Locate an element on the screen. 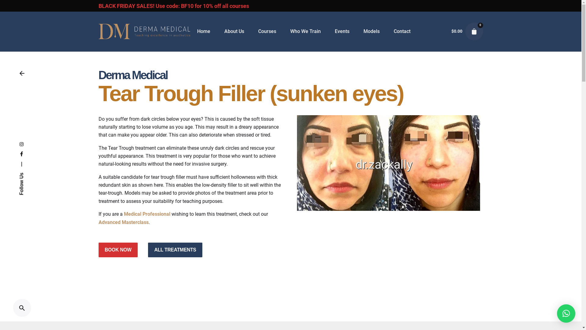  'About Us' is located at coordinates (234, 31).